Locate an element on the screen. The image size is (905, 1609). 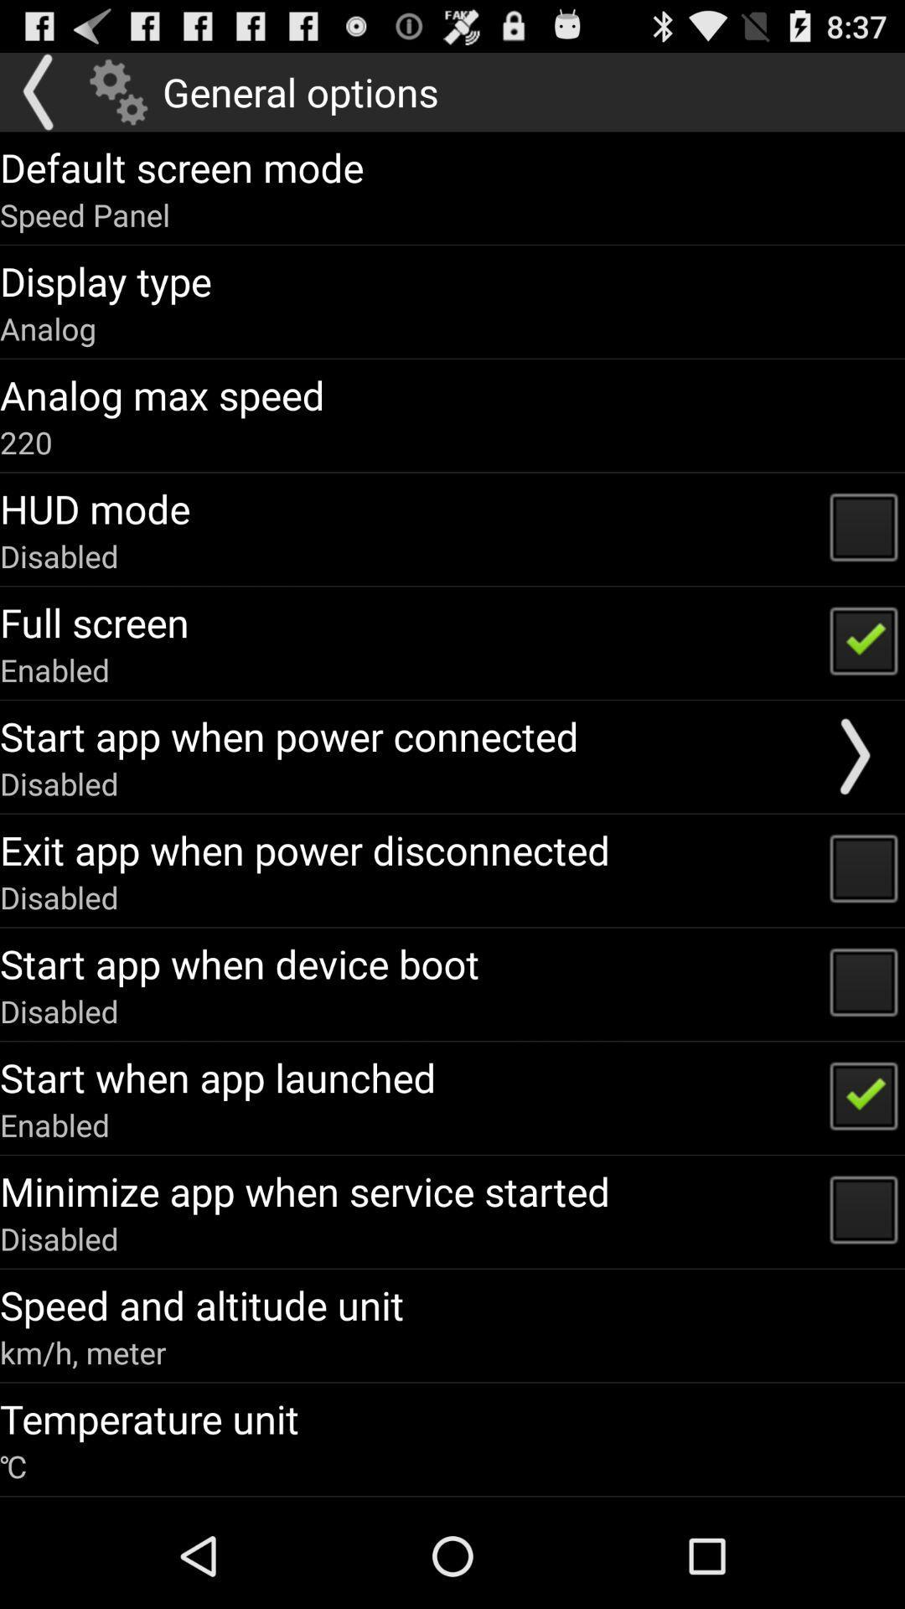
icon below default screen mode is located at coordinates (85, 214).